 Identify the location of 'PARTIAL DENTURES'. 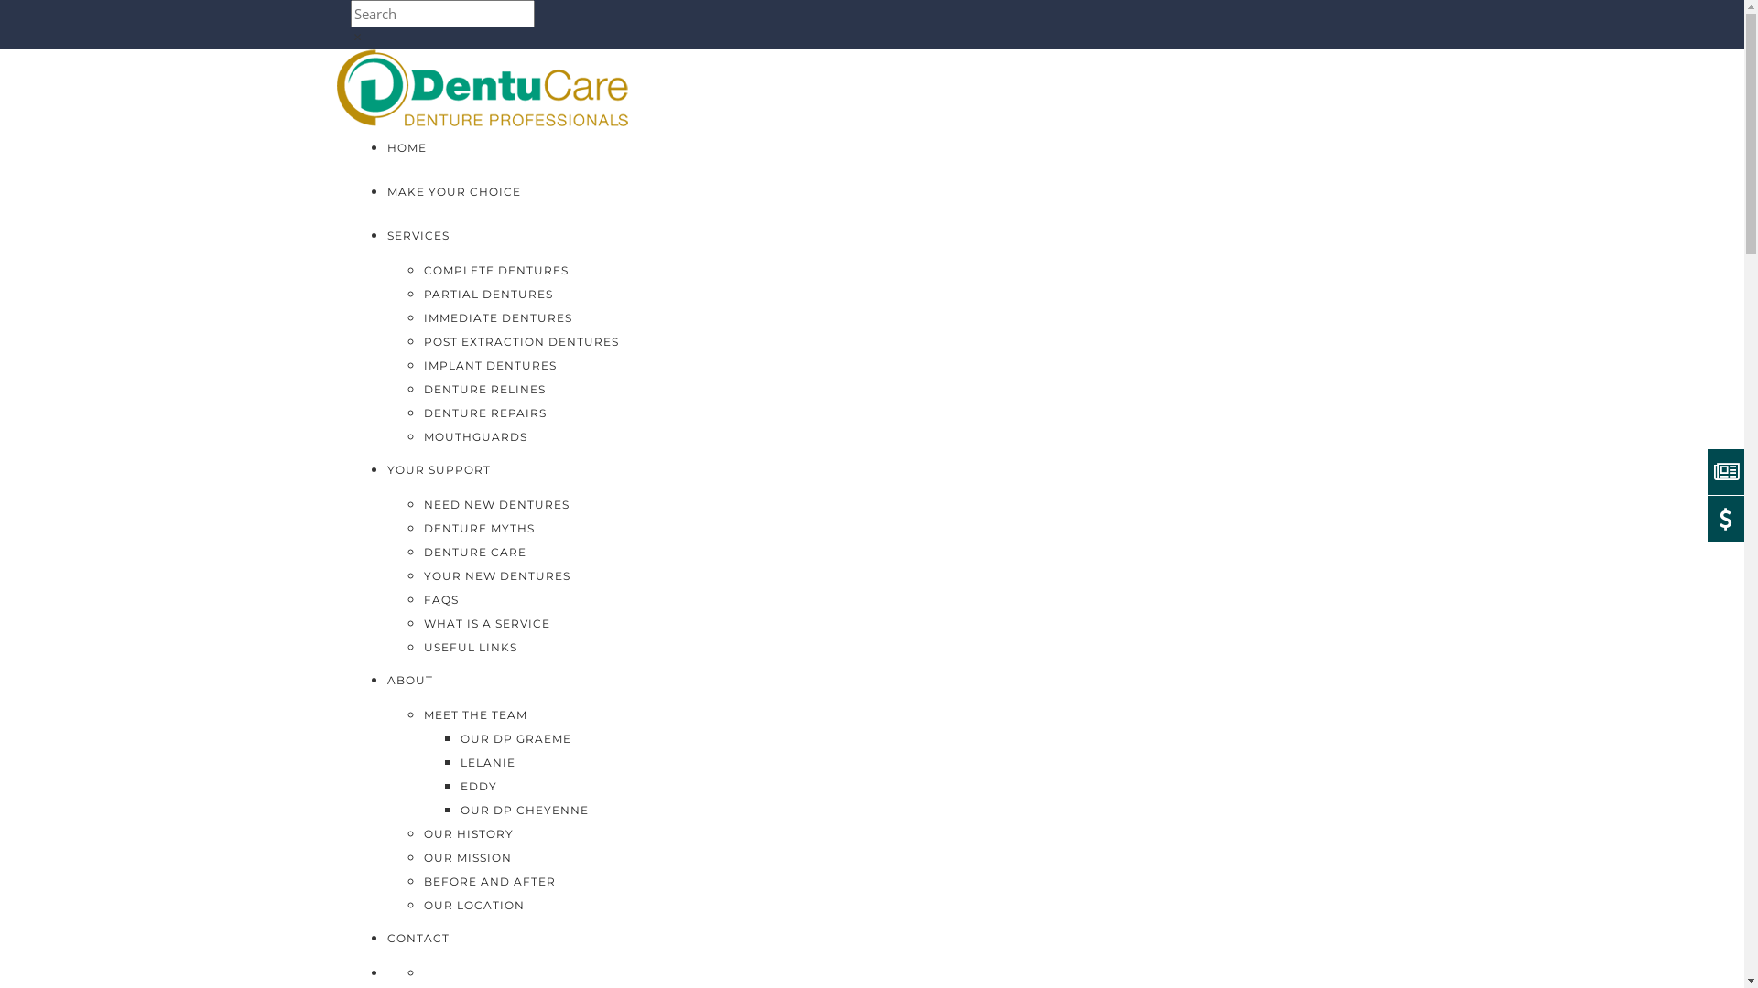
(487, 293).